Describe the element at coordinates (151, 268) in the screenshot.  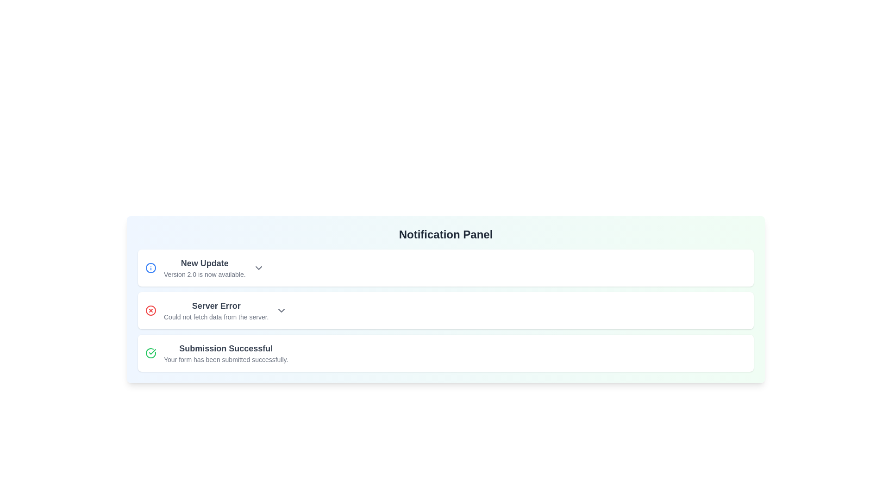
I see `the circular 'info' icon with a blue outline located to the left of the 'New Update' label in the first notification entry of the notification panel` at that location.